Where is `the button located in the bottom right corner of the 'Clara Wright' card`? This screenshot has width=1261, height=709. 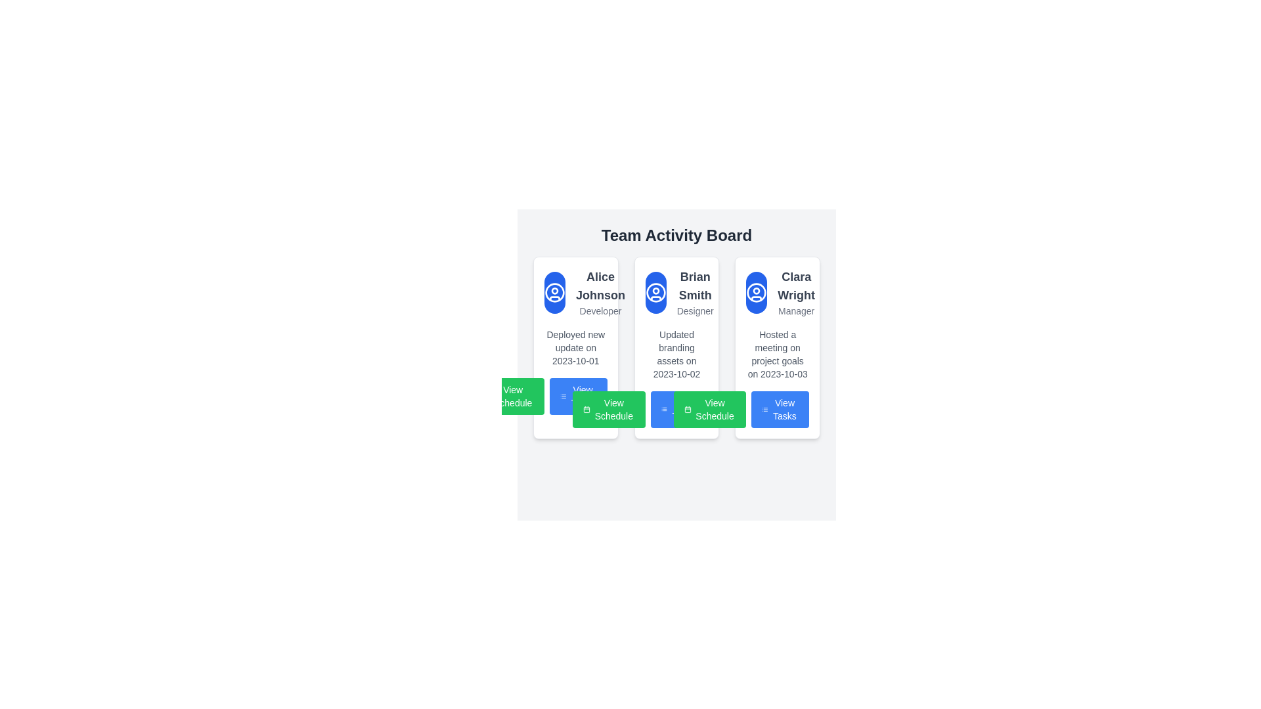 the button located in the bottom right corner of the 'Clara Wright' card is located at coordinates (778, 409).